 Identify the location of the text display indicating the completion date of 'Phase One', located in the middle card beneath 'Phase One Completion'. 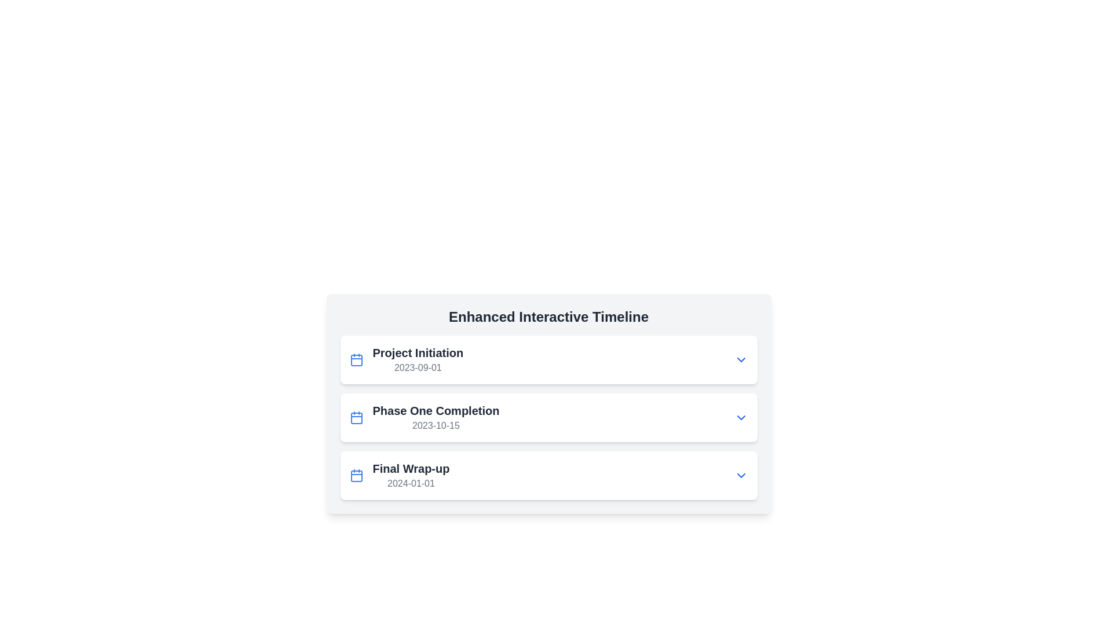
(436, 426).